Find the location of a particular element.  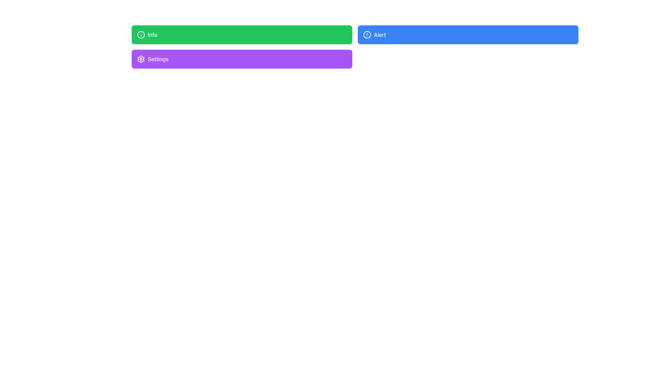

the 'Alert' button located to the right of the 'Info' button is located at coordinates (468, 35).